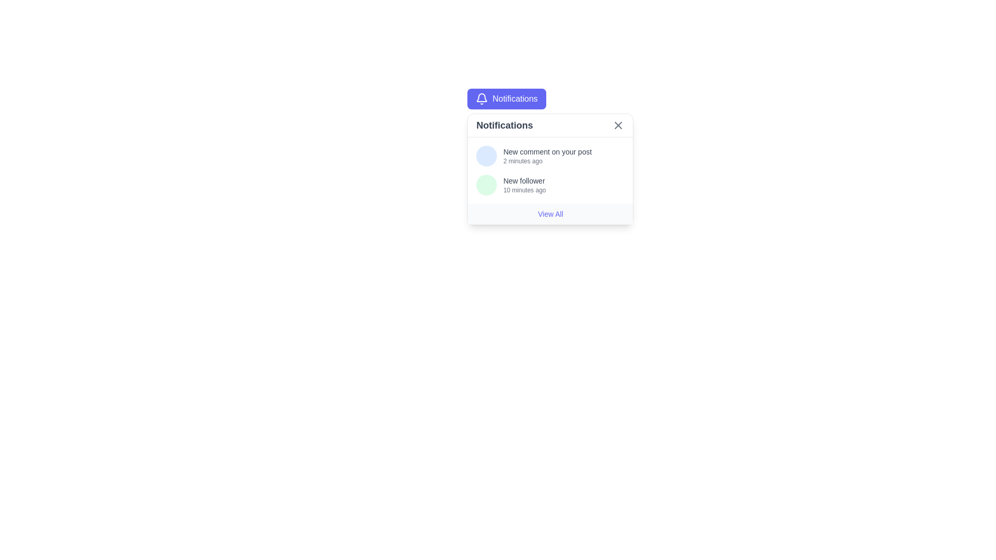 The width and height of the screenshot is (996, 560). Describe the element at coordinates (524, 185) in the screenshot. I see `the text block that contains 'New follower' and '10 minutes ago', which is the second notification in the dropdown list of notifications` at that location.